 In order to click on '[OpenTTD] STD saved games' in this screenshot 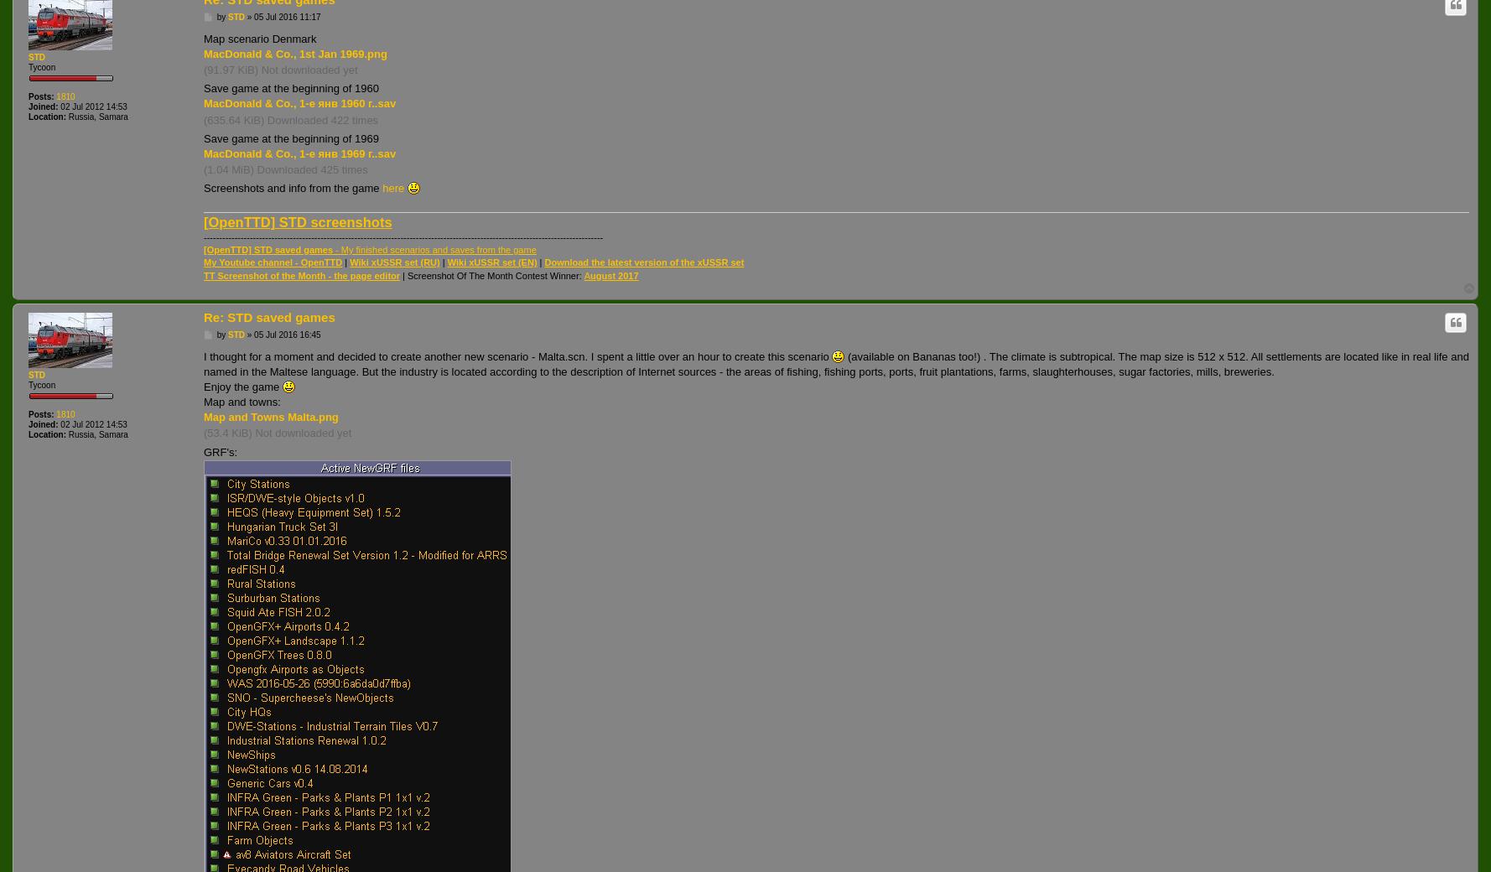, I will do `click(268, 248)`.